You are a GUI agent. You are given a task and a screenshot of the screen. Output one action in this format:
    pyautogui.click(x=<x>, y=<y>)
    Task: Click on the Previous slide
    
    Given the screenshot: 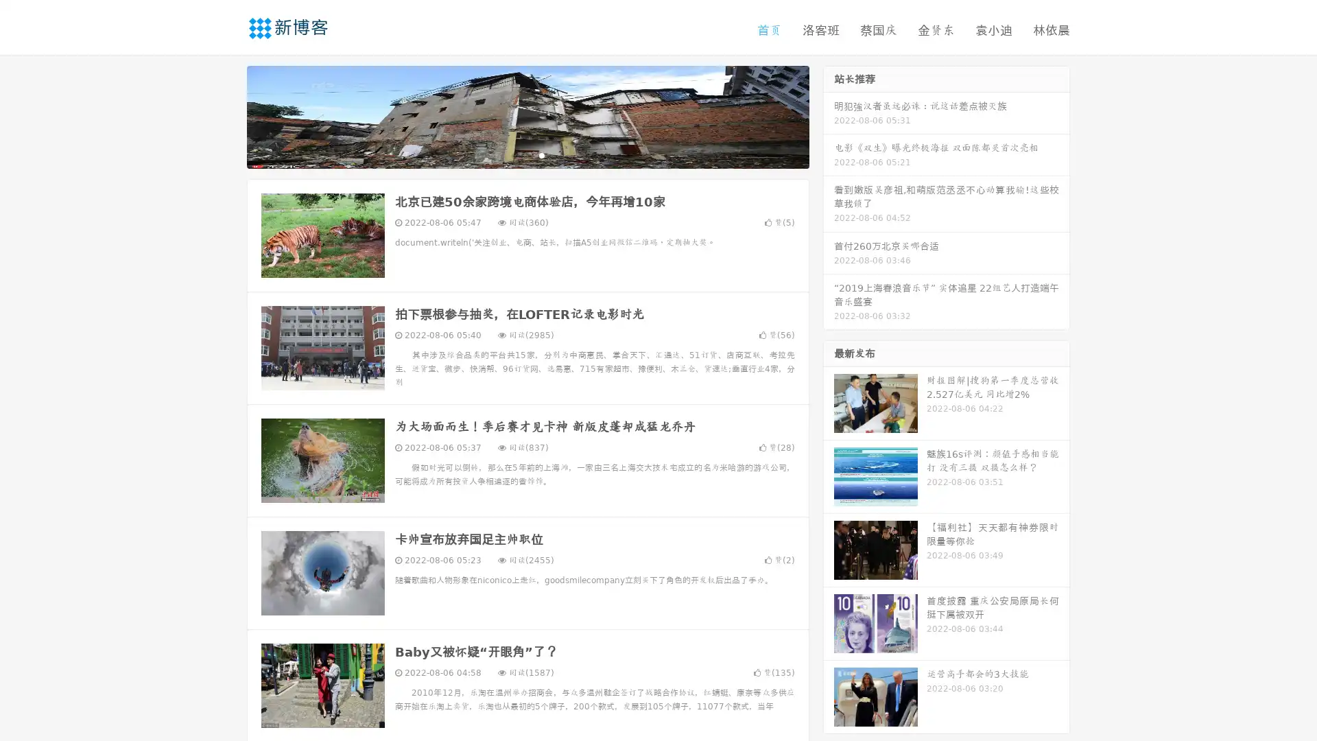 What is the action you would take?
    pyautogui.click(x=226, y=115)
    